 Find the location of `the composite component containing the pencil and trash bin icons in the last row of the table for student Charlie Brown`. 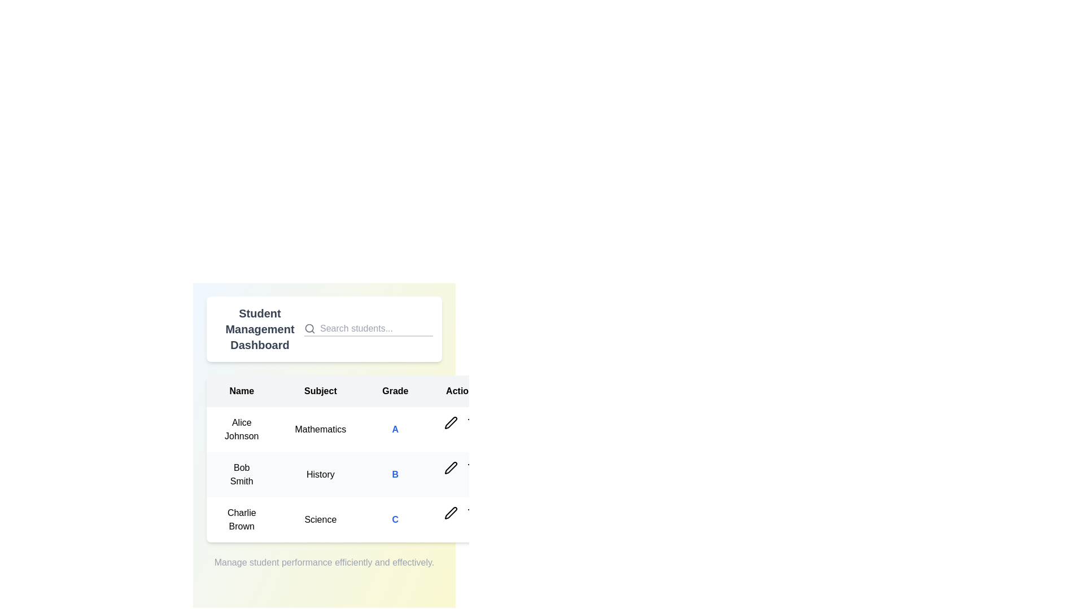

the composite component containing the pencil and trash bin icons in the last row of the table for student Charlie Brown is located at coordinates (462, 513).